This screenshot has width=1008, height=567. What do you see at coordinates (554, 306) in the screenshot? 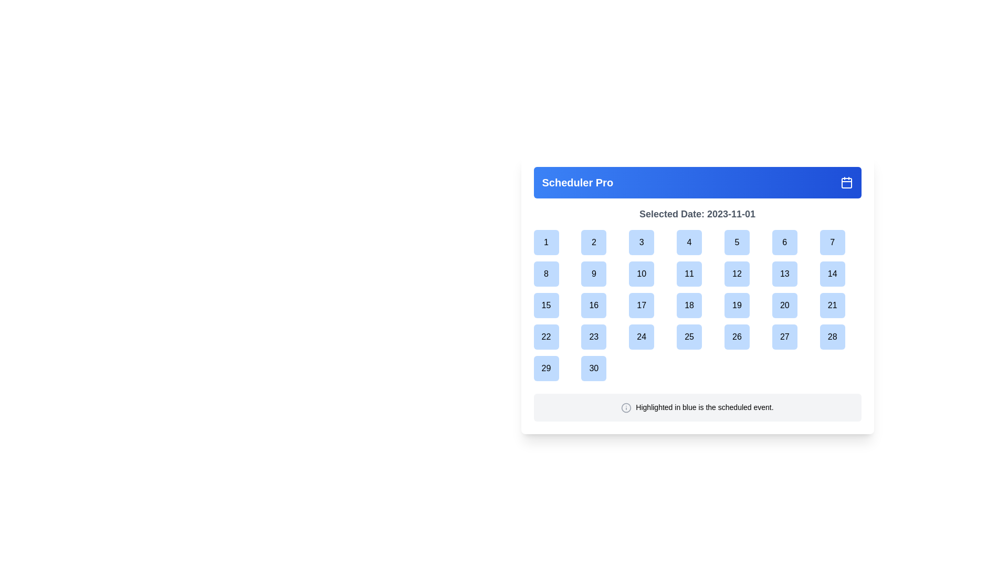
I see `the button representing the 15th day in the calendar view` at bounding box center [554, 306].